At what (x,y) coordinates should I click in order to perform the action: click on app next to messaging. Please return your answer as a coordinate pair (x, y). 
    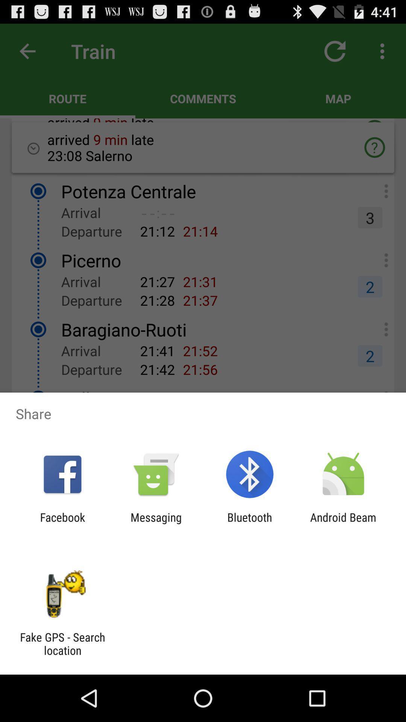
    Looking at the image, I should click on (62, 523).